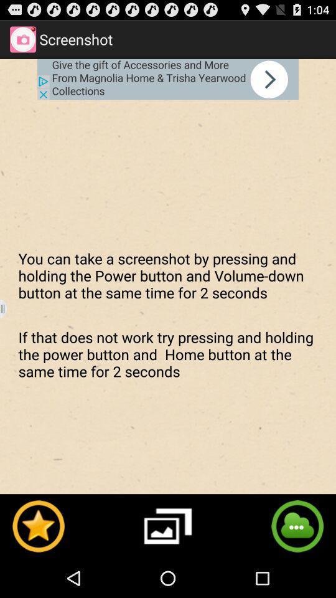  I want to click on cloud storage link, so click(297, 525).